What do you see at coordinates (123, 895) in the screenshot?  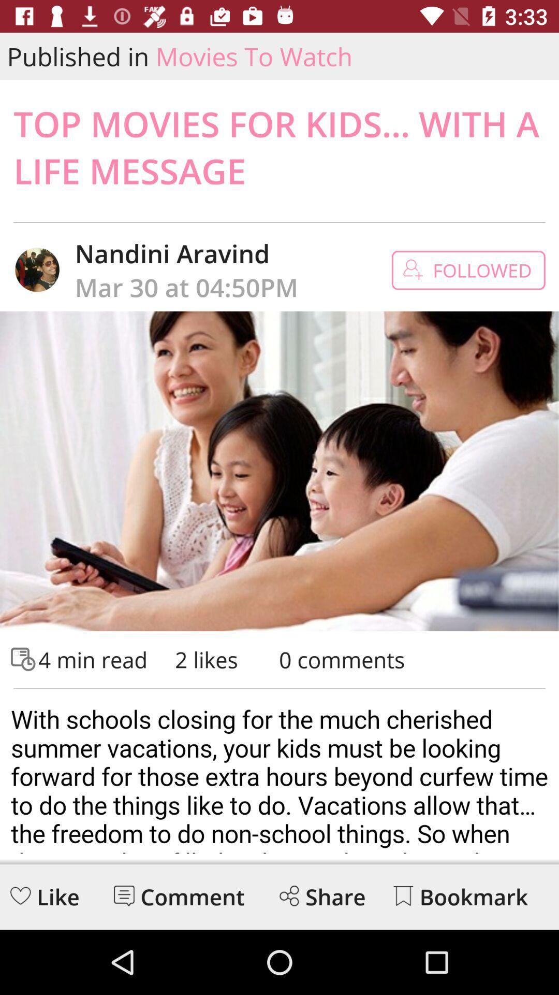 I see `comment` at bounding box center [123, 895].